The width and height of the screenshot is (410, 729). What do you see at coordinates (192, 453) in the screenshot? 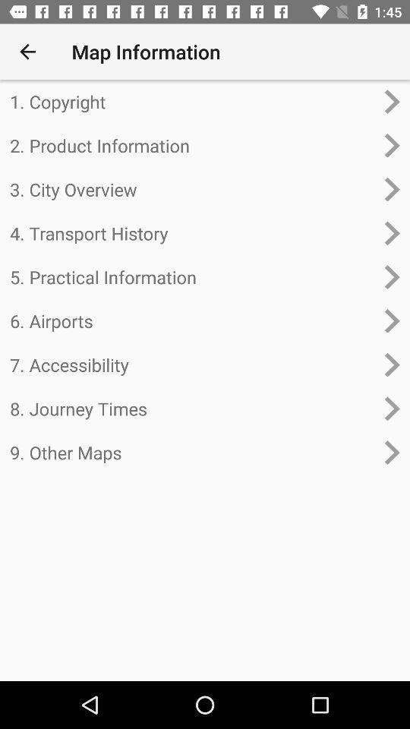
I see `9. other maps item` at bounding box center [192, 453].